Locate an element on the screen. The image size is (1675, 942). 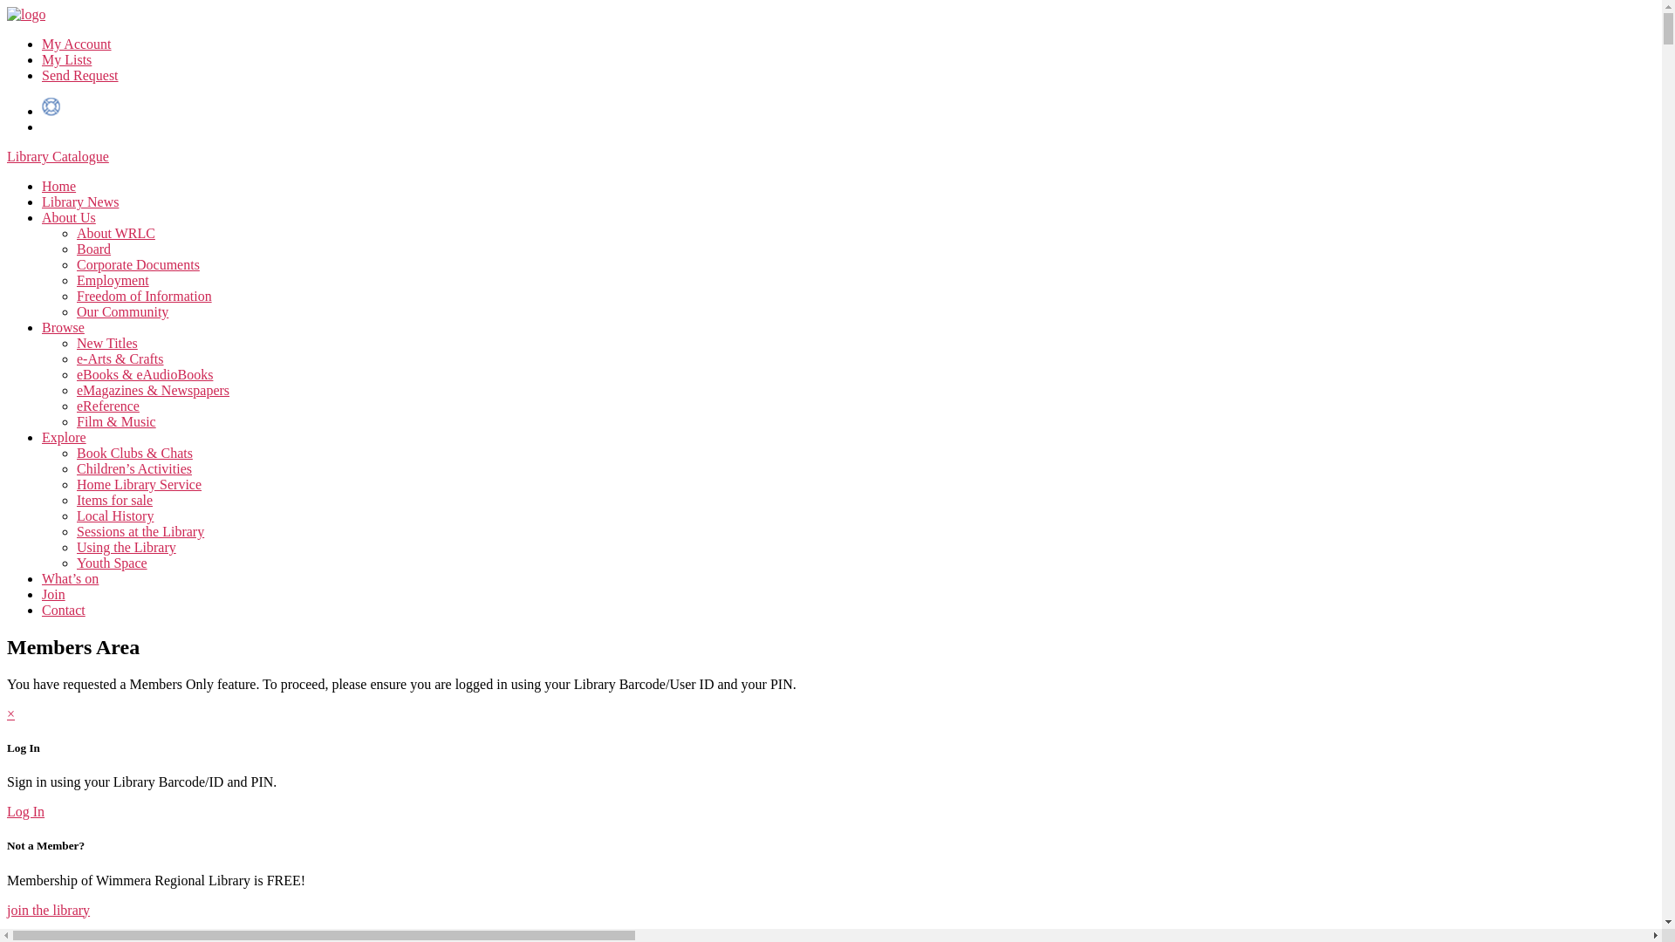
'Library News' is located at coordinates (79, 201).